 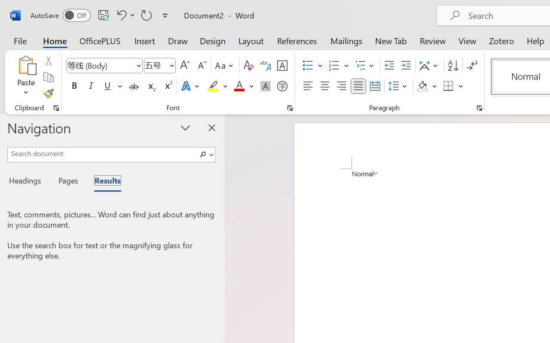 I want to click on 'Cut', so click(x=48, y=60).